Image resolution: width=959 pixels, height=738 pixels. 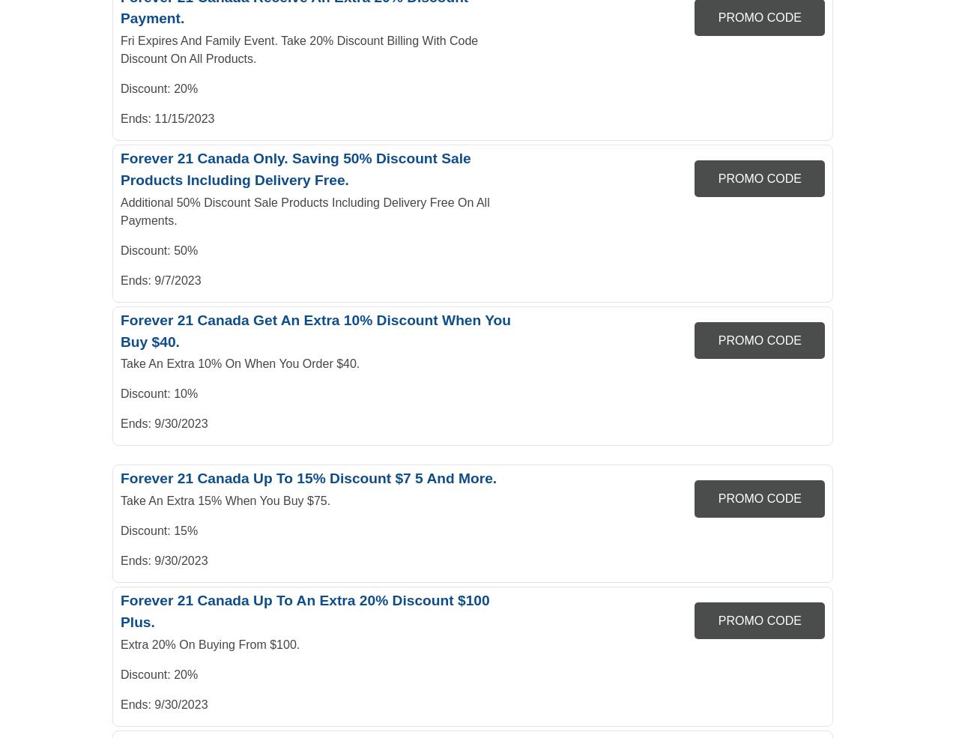 I want to click on 'Forever 21 Canada Get An Extra 10% Discount When You Buy $40.', so click(x=315, y=329).